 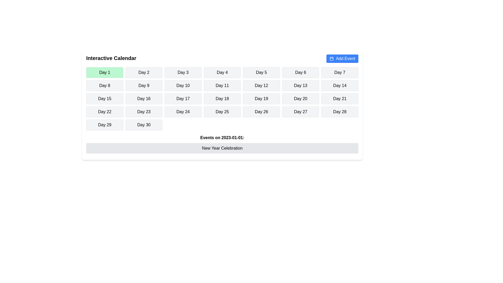 I want to click on the button representing the fourth day in the calendar interface, so click(x=222, y=73).